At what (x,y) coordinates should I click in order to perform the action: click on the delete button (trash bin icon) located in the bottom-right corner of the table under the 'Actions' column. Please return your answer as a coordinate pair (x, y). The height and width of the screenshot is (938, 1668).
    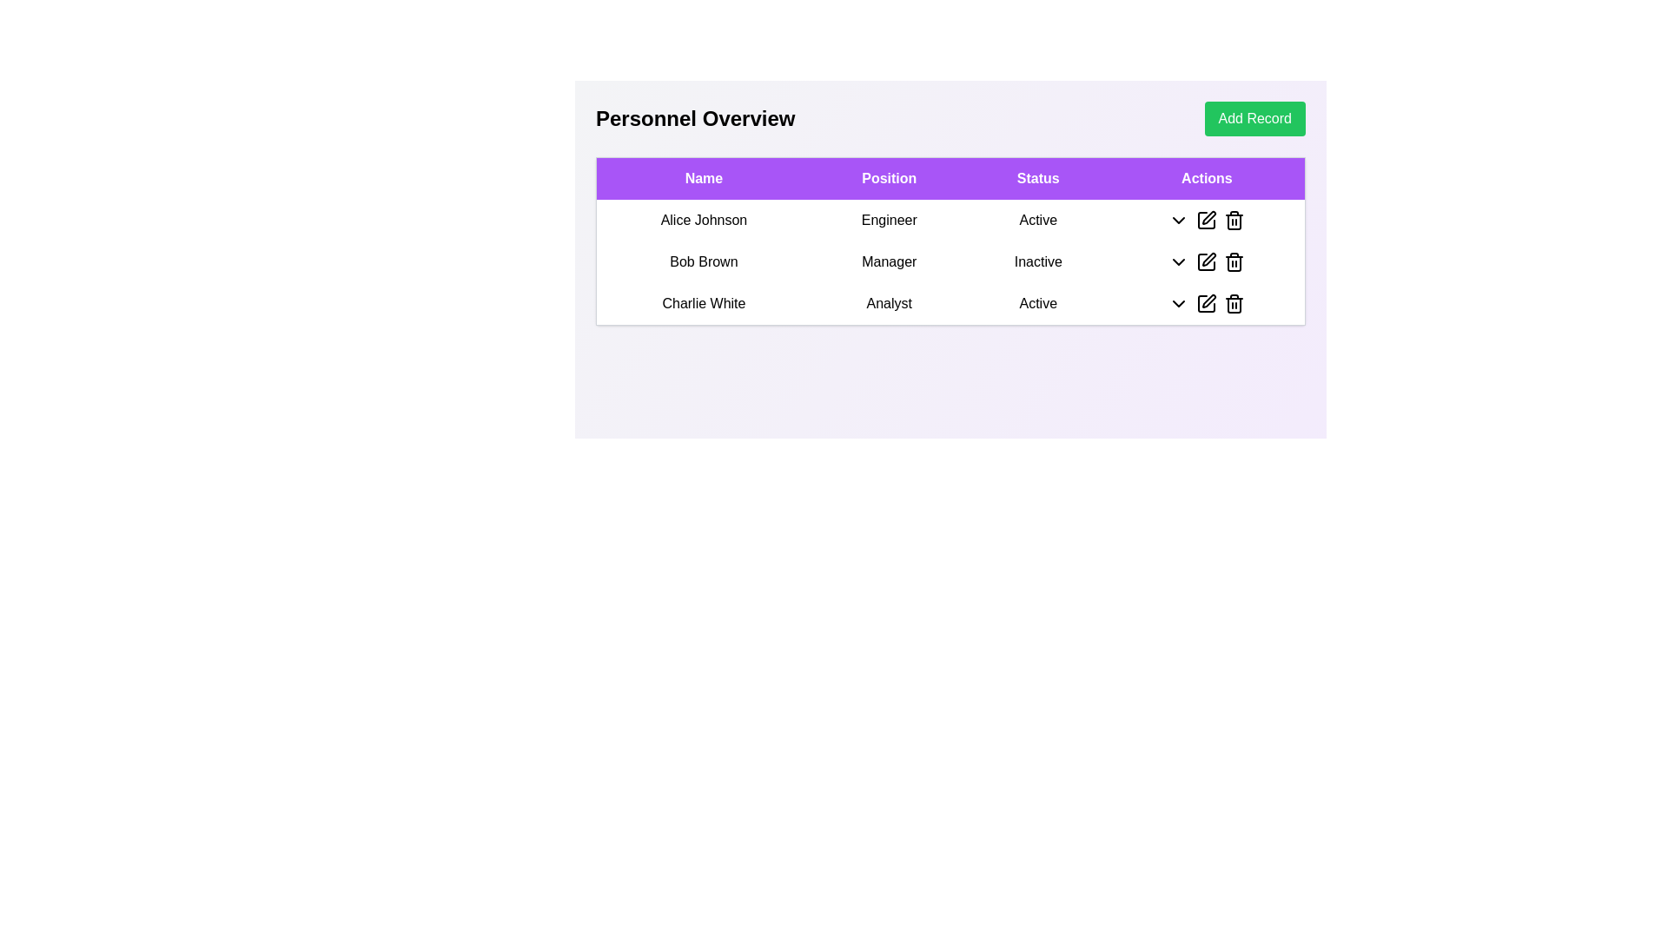
    Looking at the image, I should click on (1234, 303).